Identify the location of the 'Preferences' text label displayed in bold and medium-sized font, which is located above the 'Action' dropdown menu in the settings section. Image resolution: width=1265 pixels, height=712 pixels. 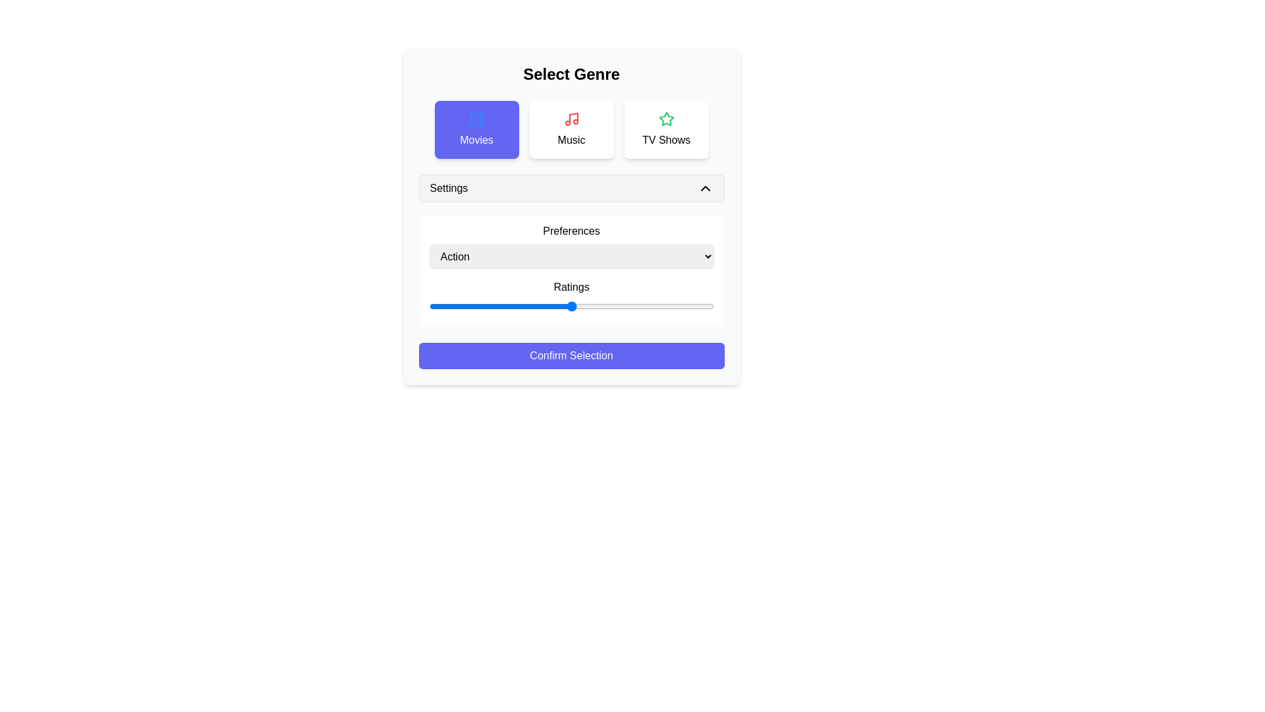
(571, 231).